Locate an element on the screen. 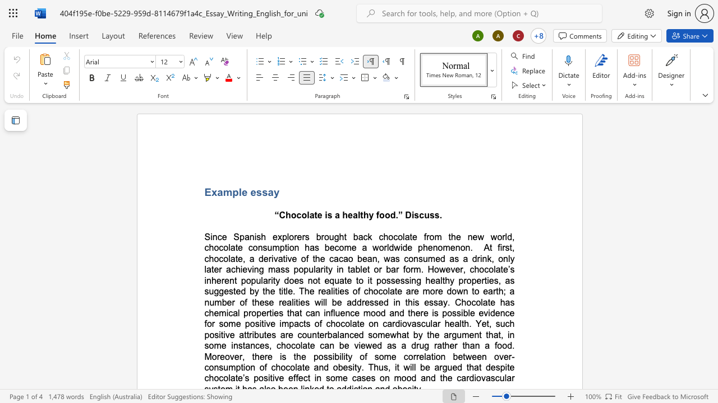 This screenshot has width=718, height=403. the space between the continuous character "i" and "d" in the text is located at coordinates (491, 313).